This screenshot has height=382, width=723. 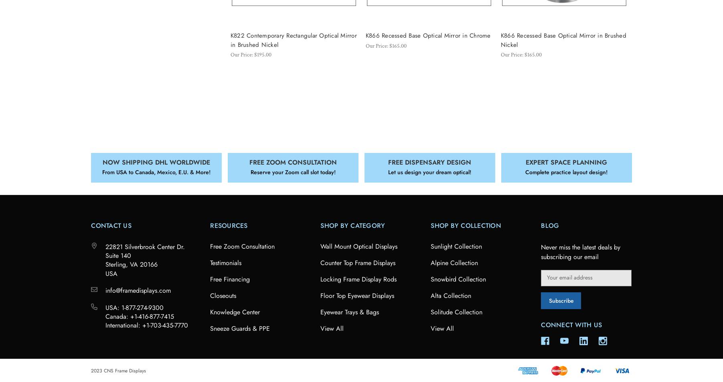 What do you see at coordinates (131, 264) in the screenshot?
I see `'Sterling, VA 20166'` at bounding box center [131, 264].